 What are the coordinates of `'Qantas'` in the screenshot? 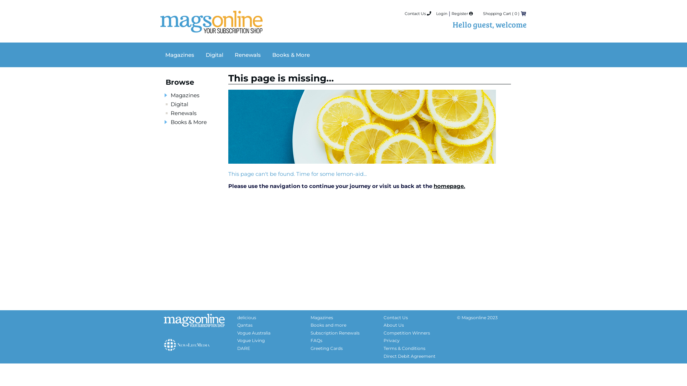 It's located at (245, 325).